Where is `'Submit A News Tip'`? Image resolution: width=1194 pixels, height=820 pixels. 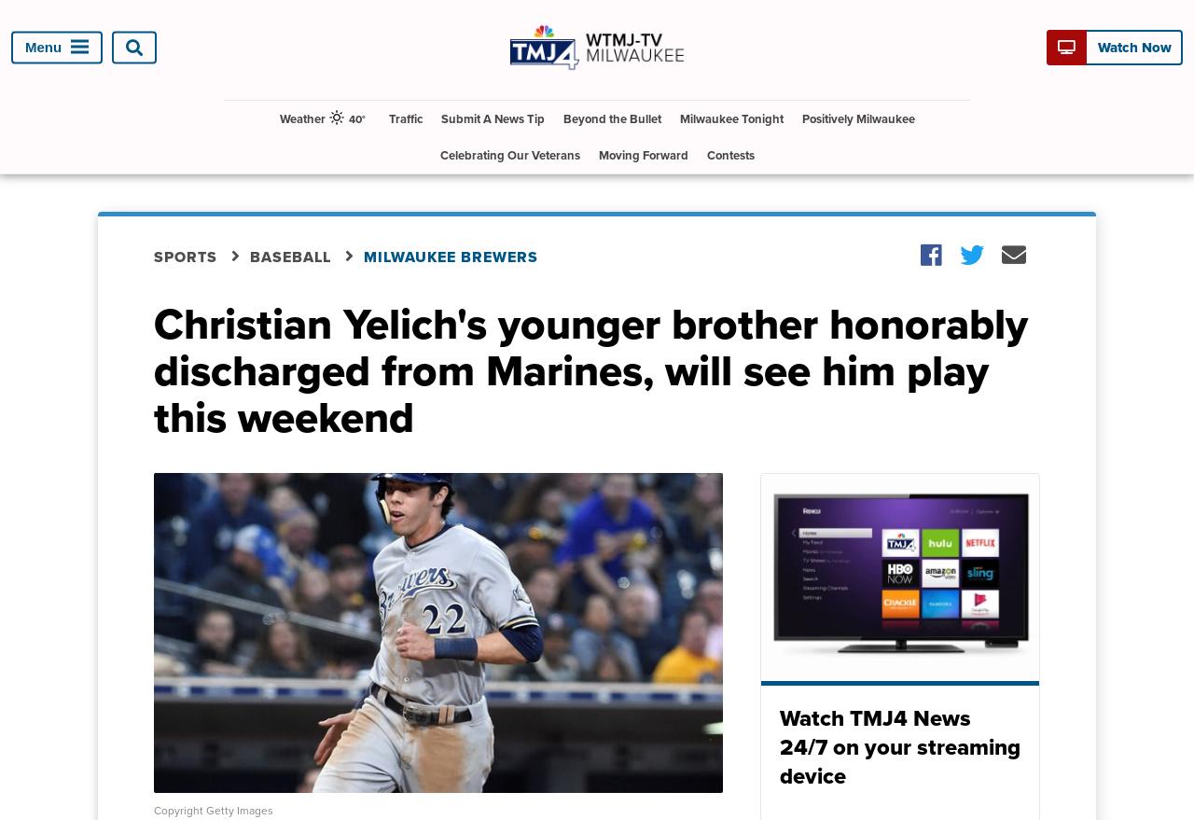 'Submit A News Tip' is located at coordinates (492, 118).